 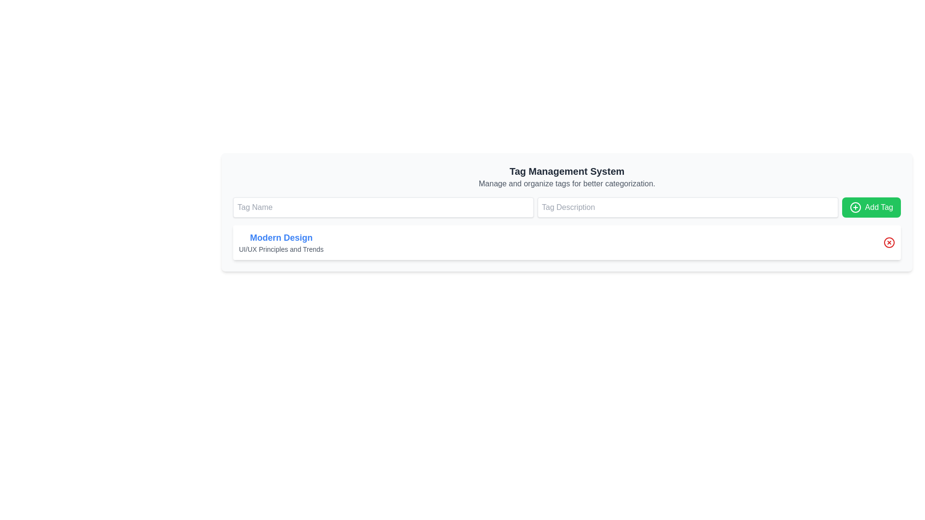 I want to click on the text label that serves as a title for 'Modern Design', which is located in the center of the UI layout below the 'Tag Name' input field, so click(x=280, y=237).